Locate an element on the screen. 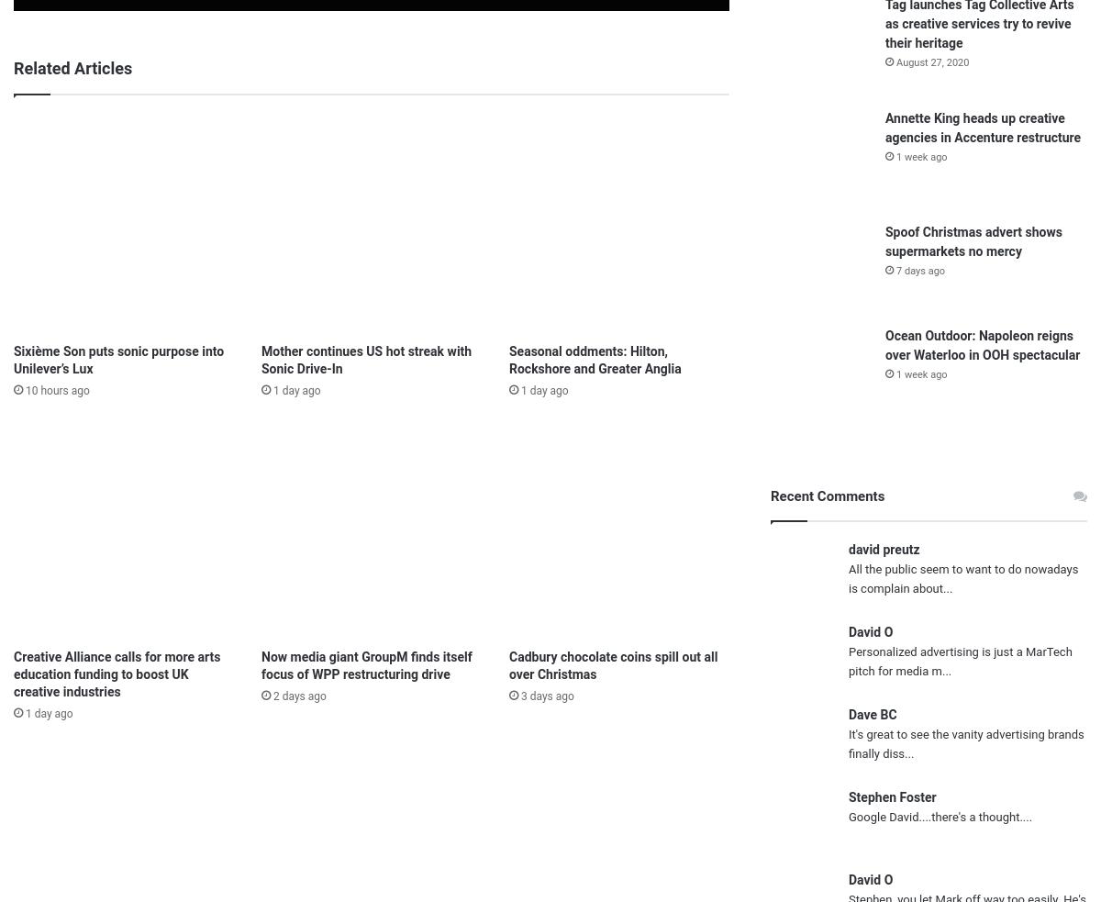 Image resolution: width=1101 pixels, height=902 pixels. 'It's great to see the vanity advertising brands finally diss...' is located at coordinates (965, 741).